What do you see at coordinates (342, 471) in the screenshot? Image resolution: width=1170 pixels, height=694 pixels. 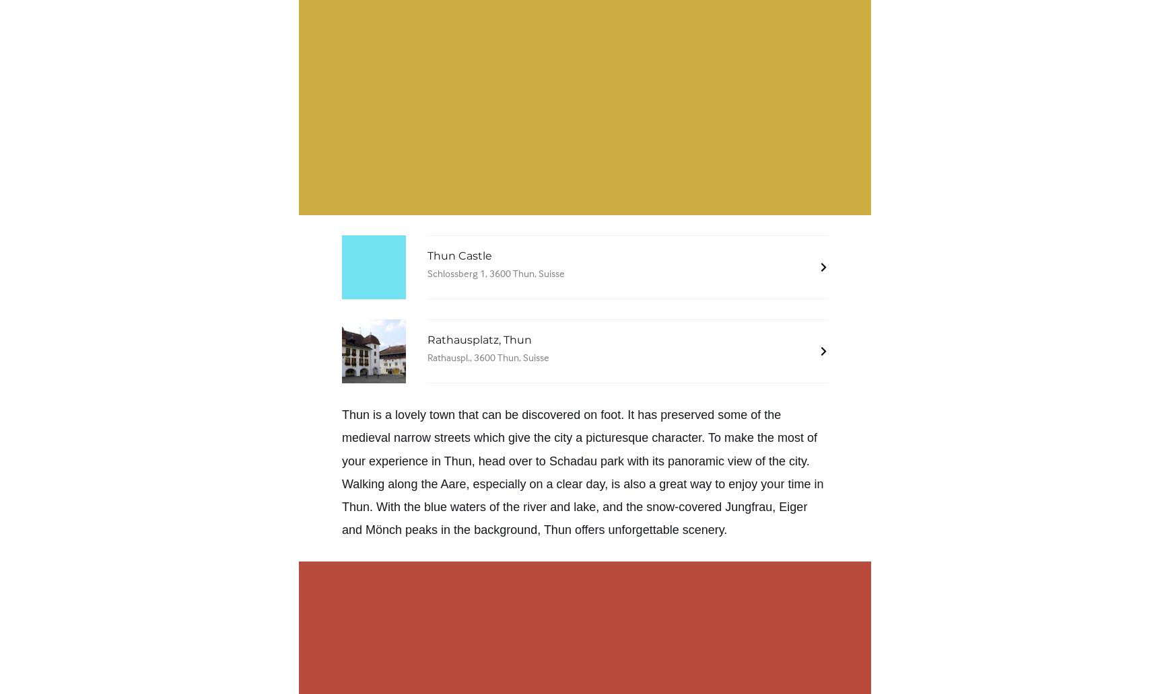 I see `'. Walking along the'` at bounding box center [342, 471].